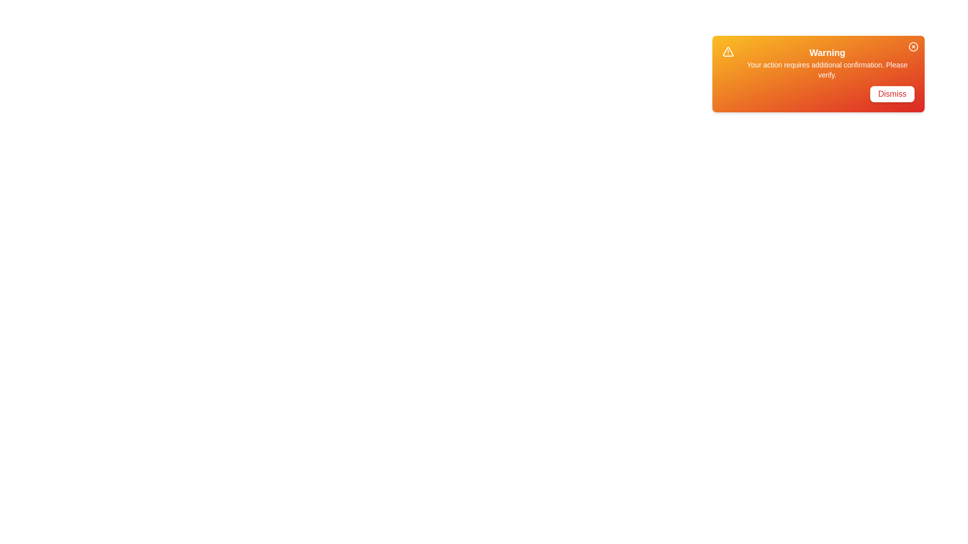 This screenshot has width=968, height=544. What do you see at coordinates (913, 46) in the screenshot?
I see `the 'X' button to close the snackbar` at bounding box center [913, 46].